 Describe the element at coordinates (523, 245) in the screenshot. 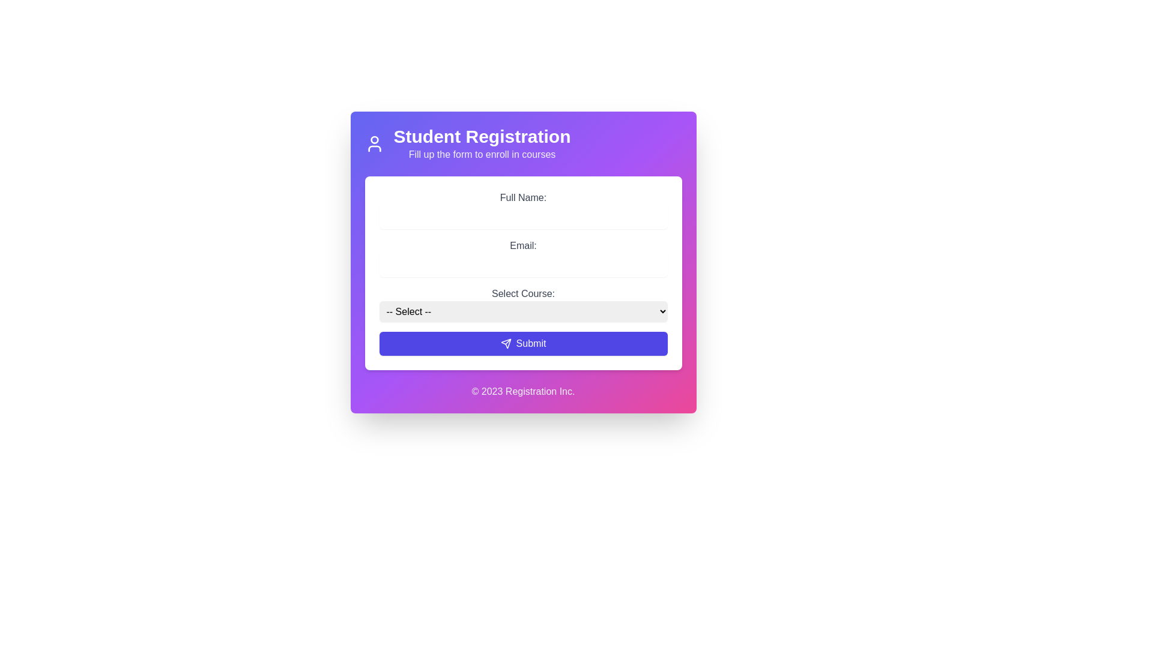

I see `the label that identifies the email input field in the student registration form, which is positioned centrally below the 'Full Name:' field` at that location.